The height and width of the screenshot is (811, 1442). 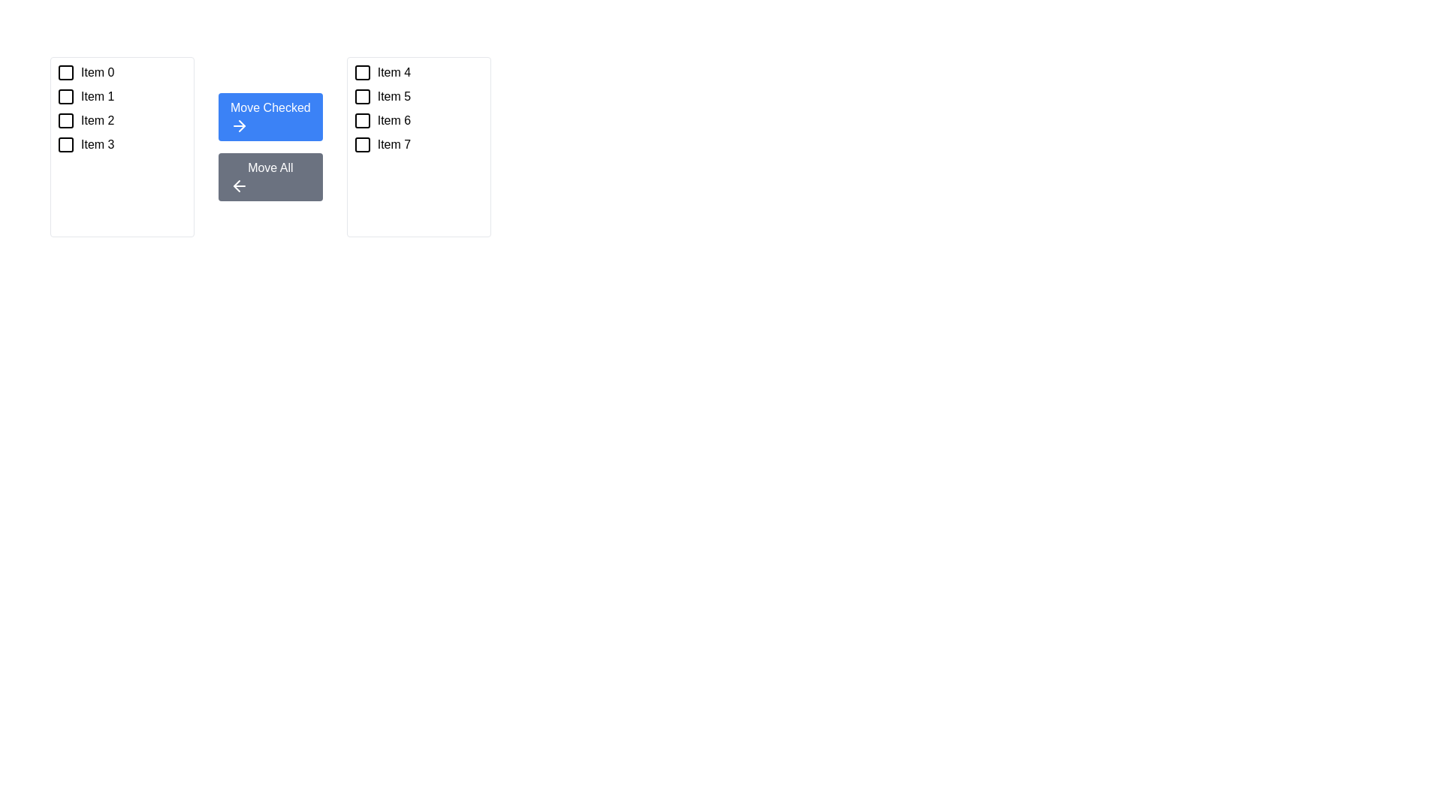 What do you see at coordinates (418, 96) in the screenshot?
I see `the second checkbox list item located below 'Item 4' and above 'Item 6'` at bounding box center [418, 96].